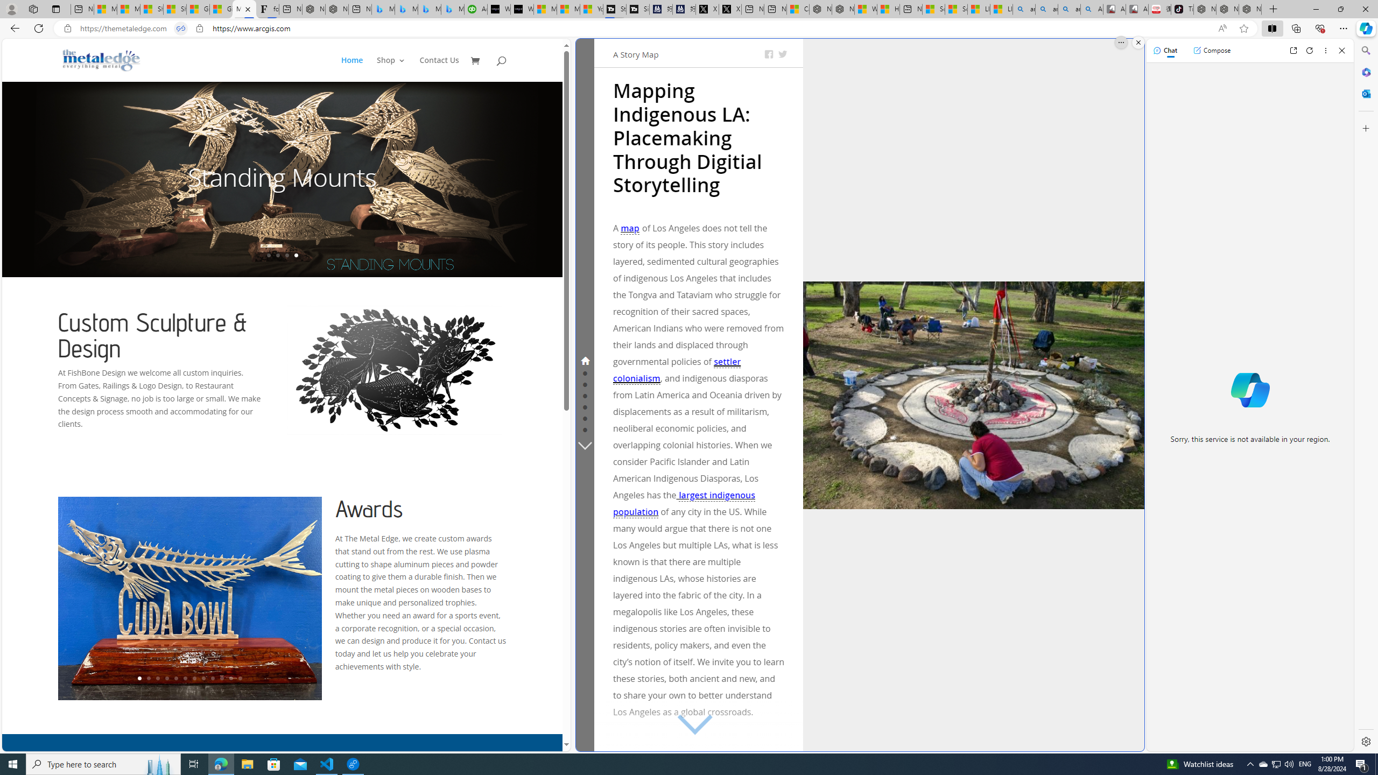 The height and width of the screenshot is (775, 1378). Describe the element at coordinates (1365, 741) in the screenshot. I see `'Settings'` at that location.